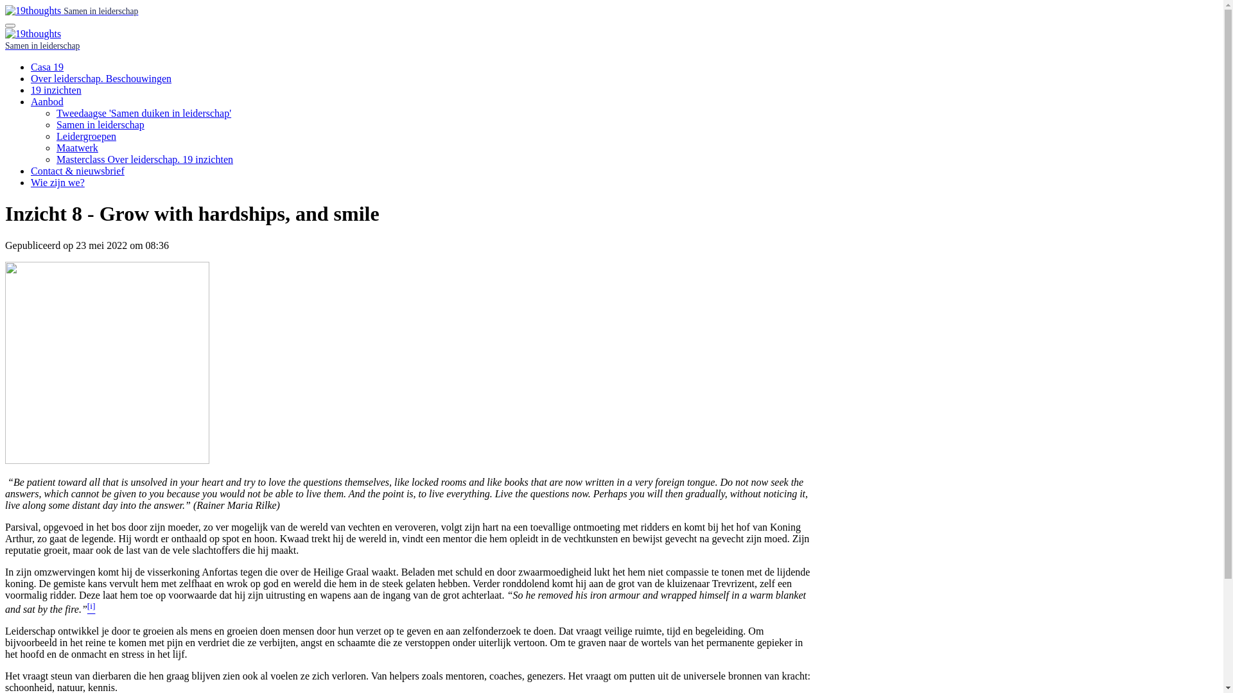 The image size is (1233, 693). What do you see at coordinates (144, 112) in the screenshot?
I see `'Tweedaagse 'Samen duiken in leiderschap''` at bounding box center [144, 112].